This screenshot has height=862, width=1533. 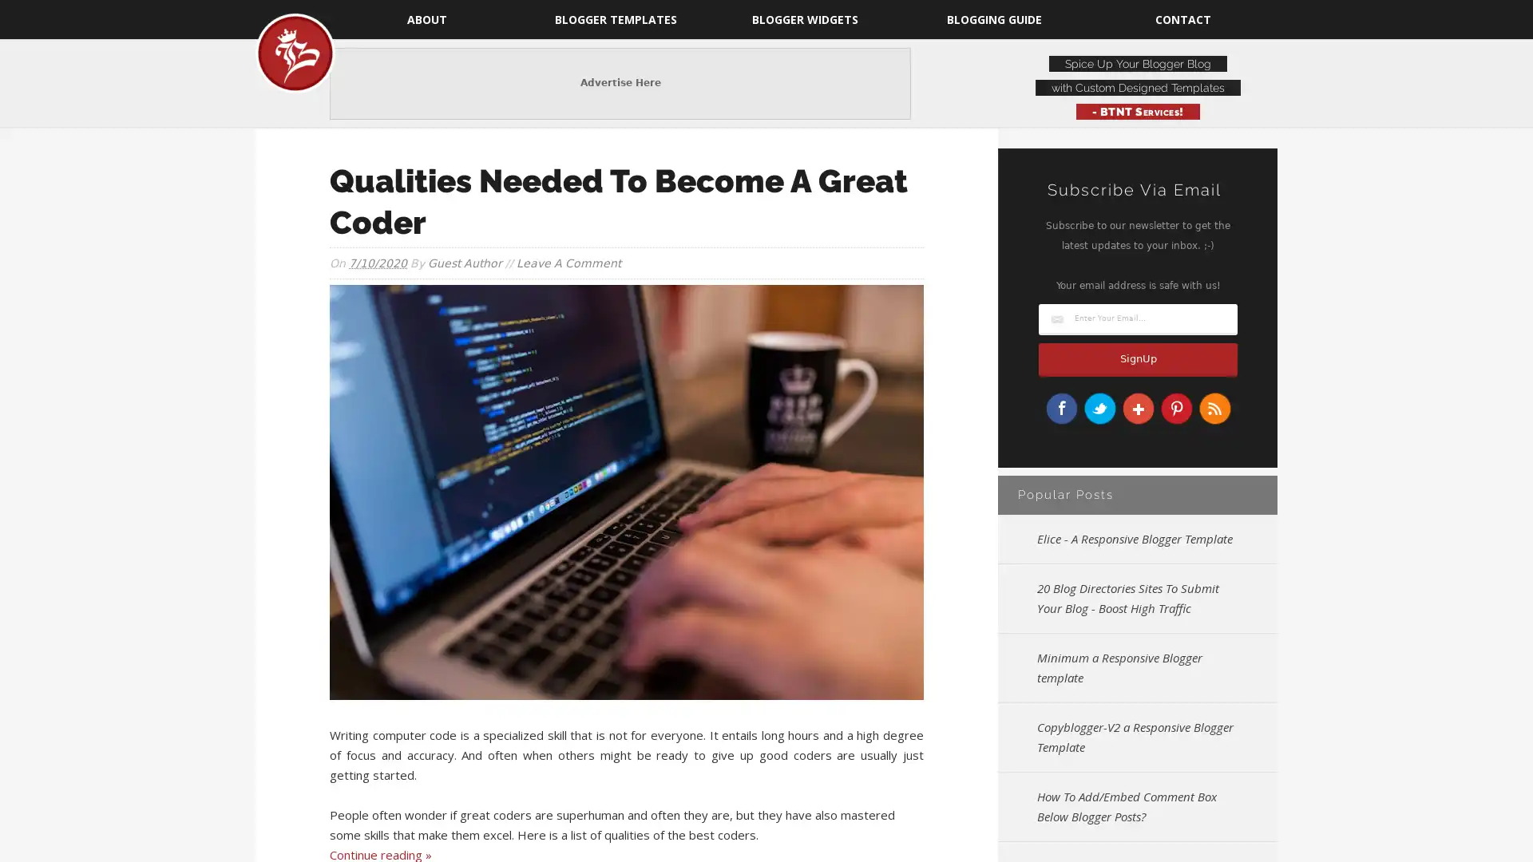 What do you see at coordinates (1137, 360) in the screenshot?
I see `SignUp` at bounding box center [1137, 360].